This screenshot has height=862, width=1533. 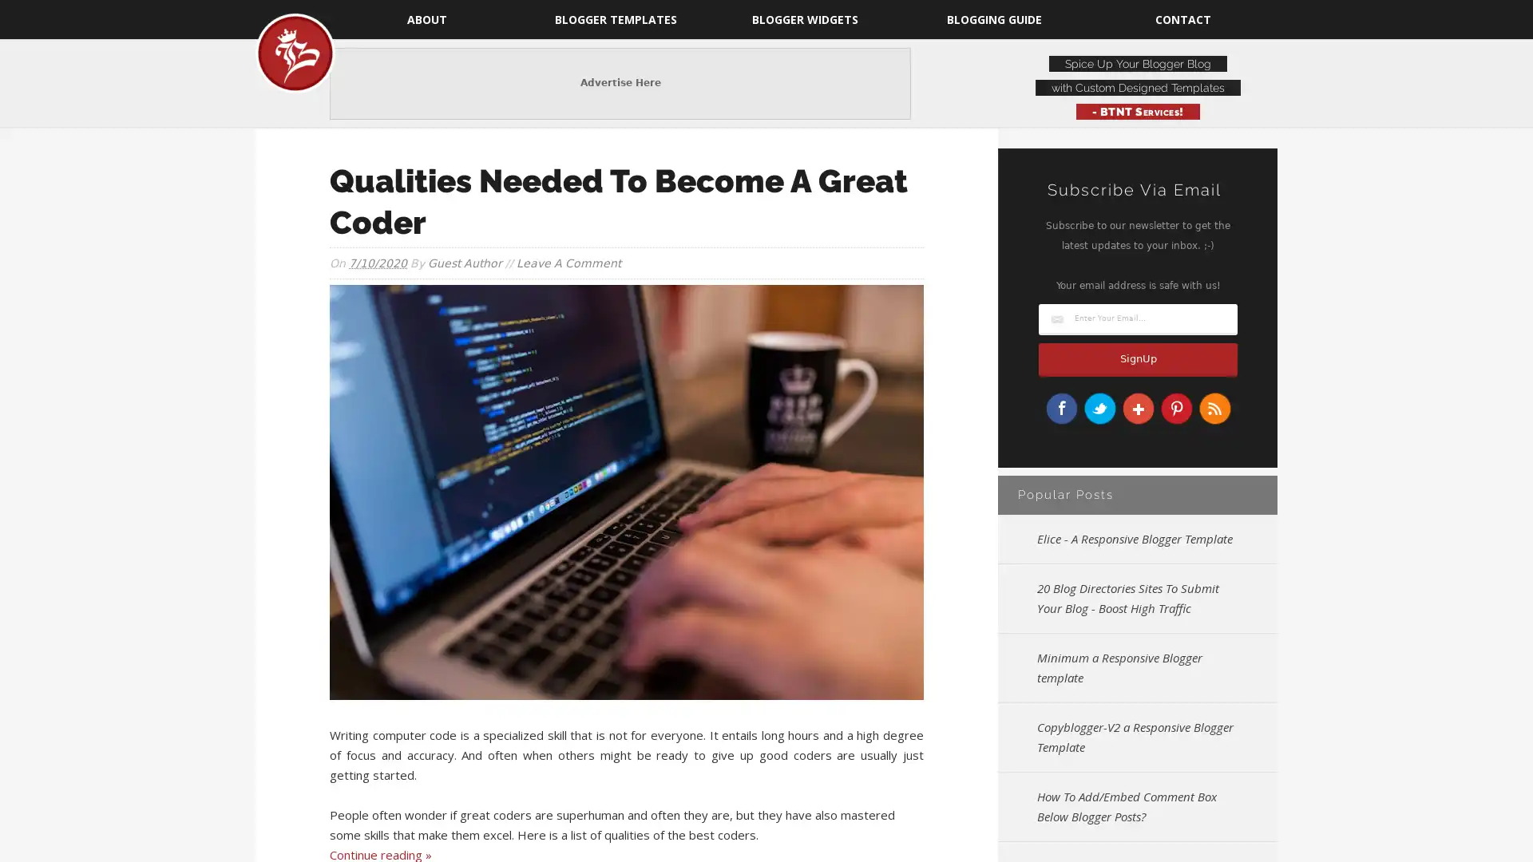 What do you see at coordinates (1137, 360) in the screenshot?
I see `SignUp` at bounding box center [1137, 360].